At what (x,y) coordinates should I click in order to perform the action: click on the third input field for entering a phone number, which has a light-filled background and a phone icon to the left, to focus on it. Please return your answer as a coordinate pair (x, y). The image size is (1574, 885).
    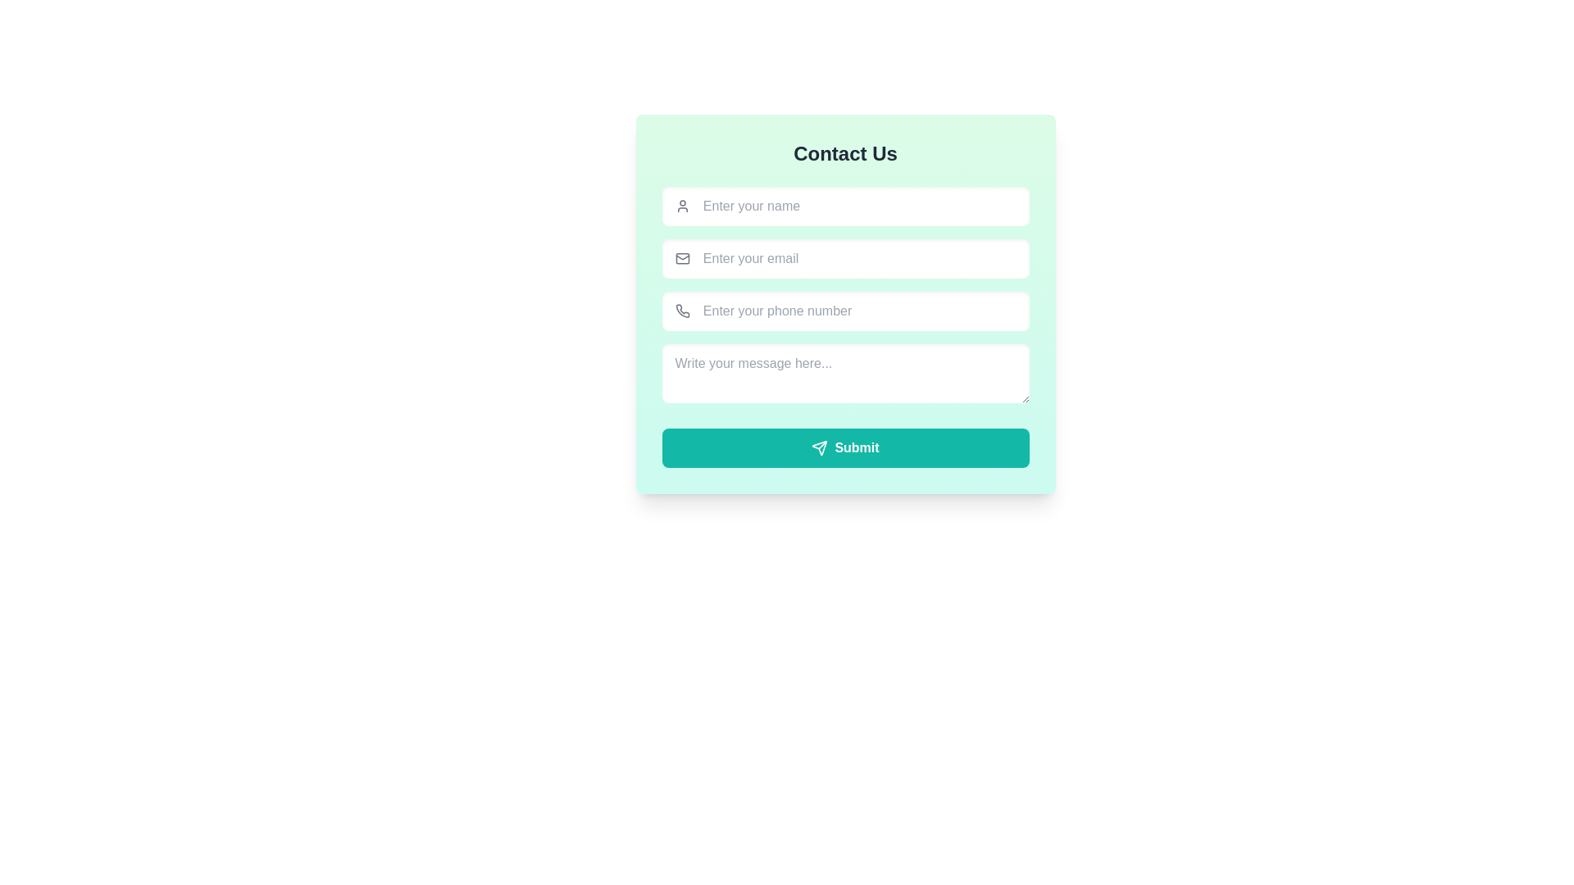
    Looking at the image, I should click on (845, 304).